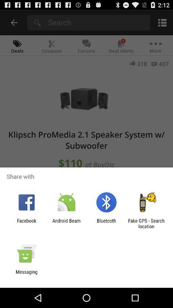  What do you see at coordinates (26, 223) in the screenshot?
I see `facebook` at bounding box center [26, 223].